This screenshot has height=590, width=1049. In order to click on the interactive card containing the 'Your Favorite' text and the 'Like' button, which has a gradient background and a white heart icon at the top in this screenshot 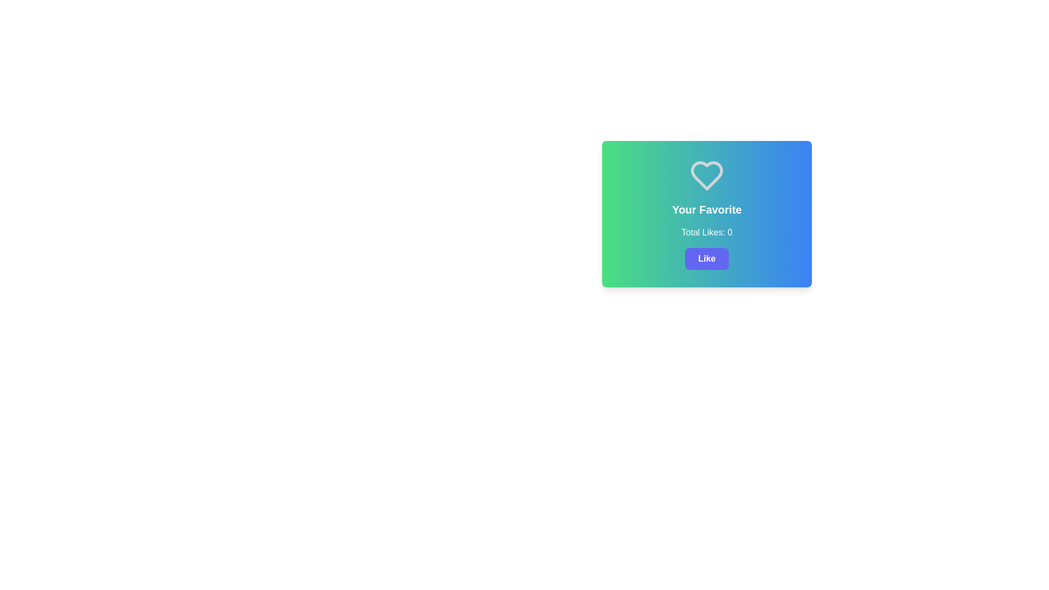, I will do `click(707, 274)`.